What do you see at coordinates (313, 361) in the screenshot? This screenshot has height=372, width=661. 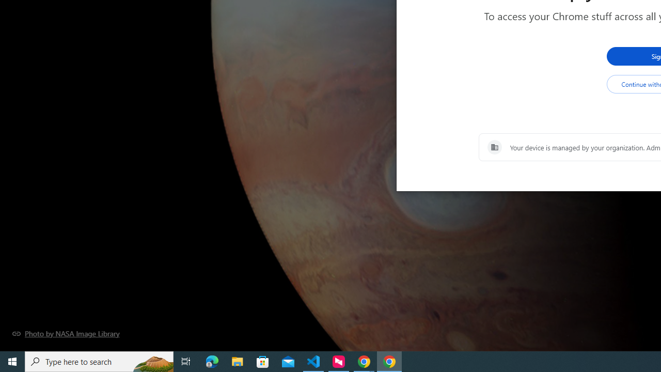 I see `'Visual Studio Code - 1 running window'` at bounding box center [313, 361].